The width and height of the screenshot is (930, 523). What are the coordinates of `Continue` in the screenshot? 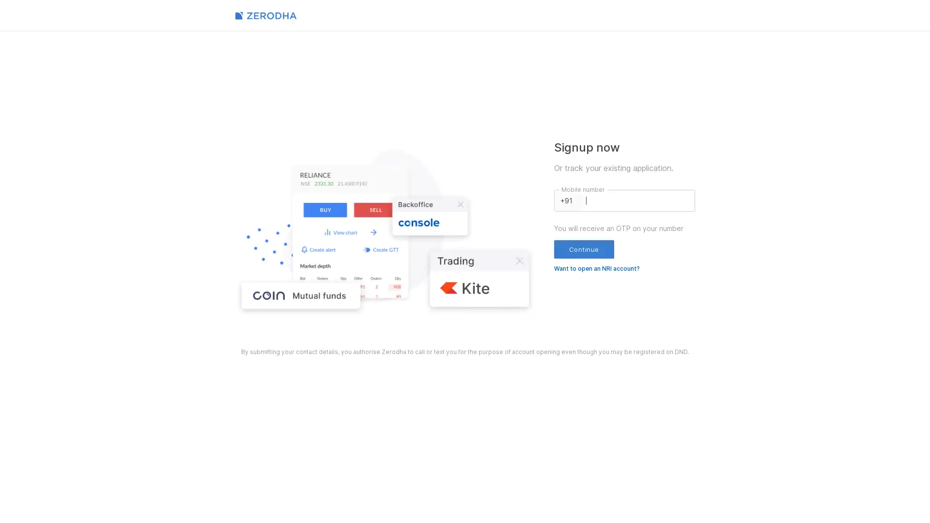 It's located at (583, 259).